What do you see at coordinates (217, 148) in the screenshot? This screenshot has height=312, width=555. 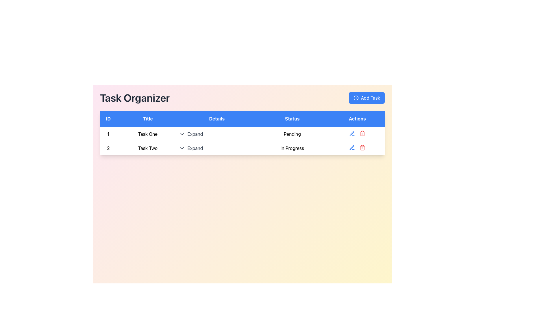 I see `the collapsible button located in the table row associated with 'Task Two' under the 'Details' column to enhance accessibility` at bounding box center [217, 148].